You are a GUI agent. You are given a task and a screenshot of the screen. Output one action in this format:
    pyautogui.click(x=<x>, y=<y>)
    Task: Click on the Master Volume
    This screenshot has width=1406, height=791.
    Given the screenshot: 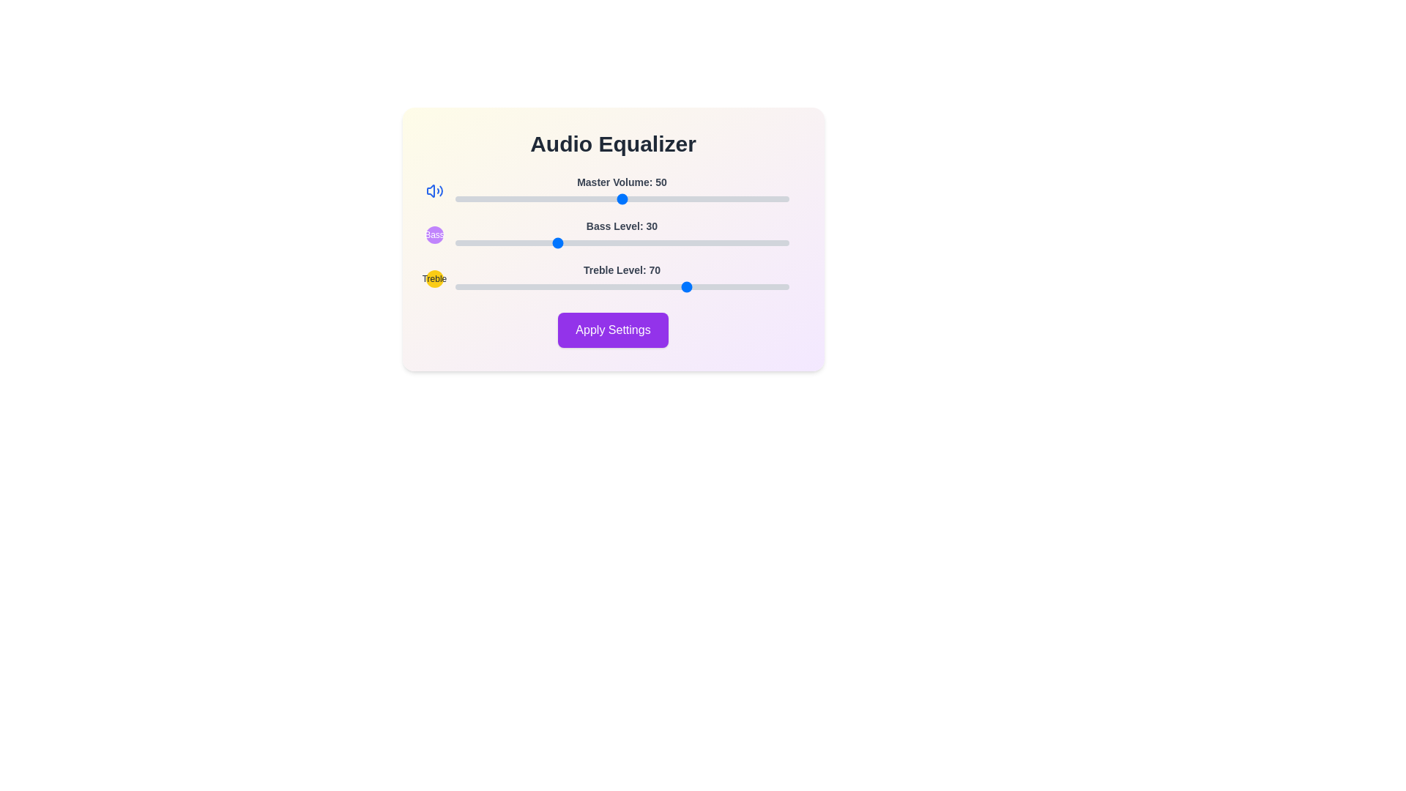 What is the action you would take?
    pyautogui.click(x=691, y=199)
    